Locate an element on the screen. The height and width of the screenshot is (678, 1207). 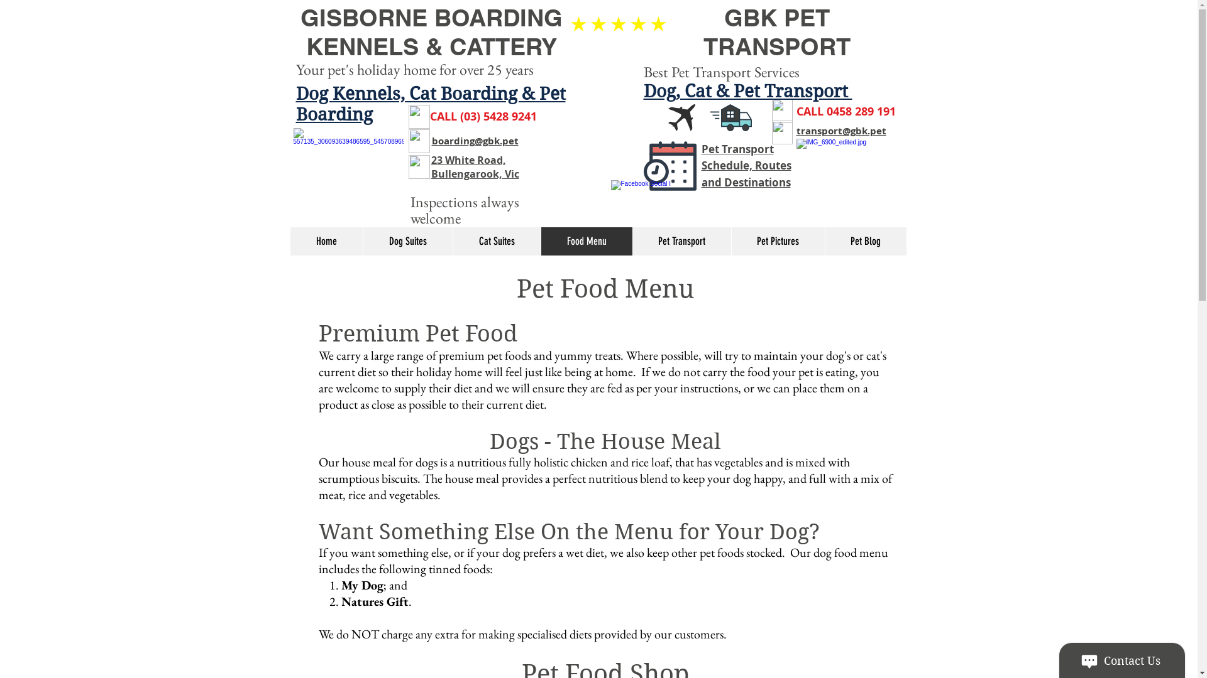
'CALL 0458 289 191' is located at coordinates (845, 110).